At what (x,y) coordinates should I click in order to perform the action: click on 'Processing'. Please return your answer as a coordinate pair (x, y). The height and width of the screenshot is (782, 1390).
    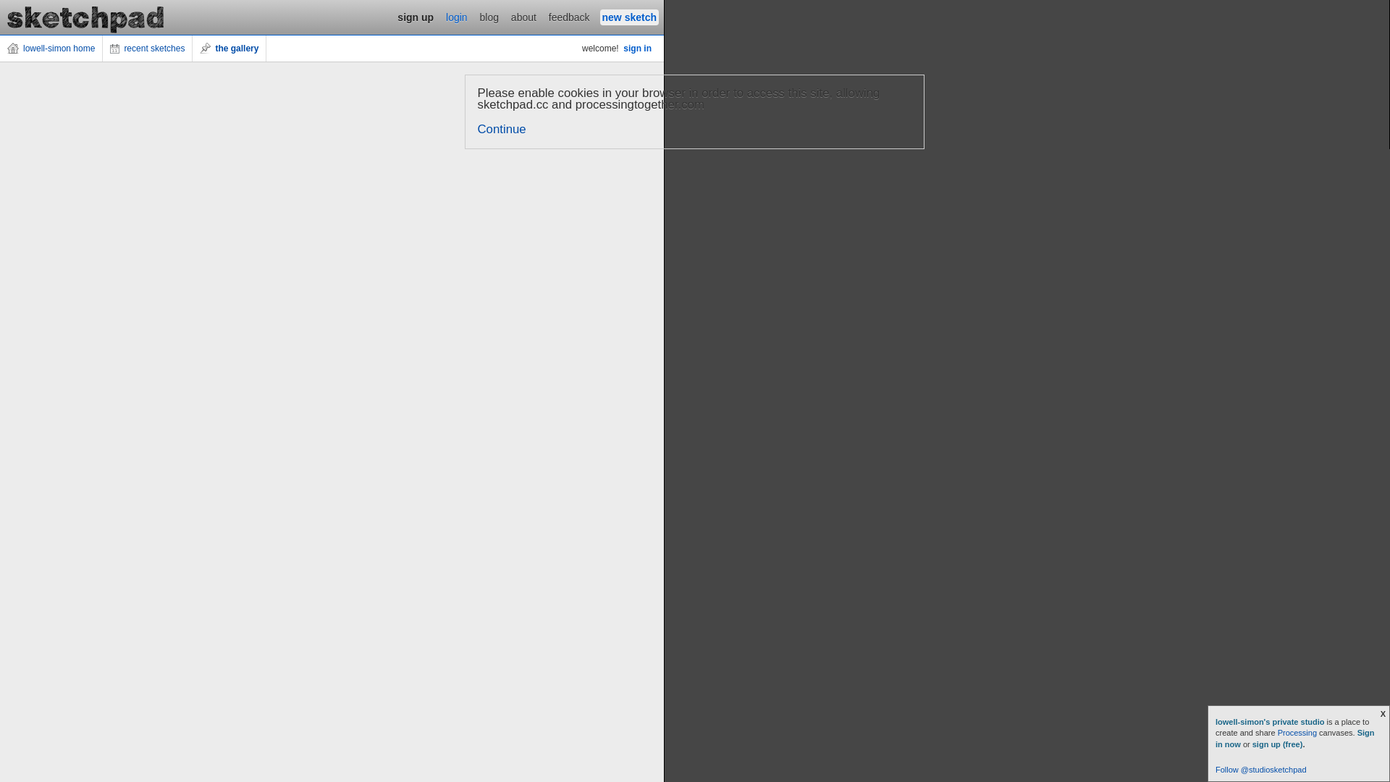
    Looking at the image, I should click on (1297, 732).